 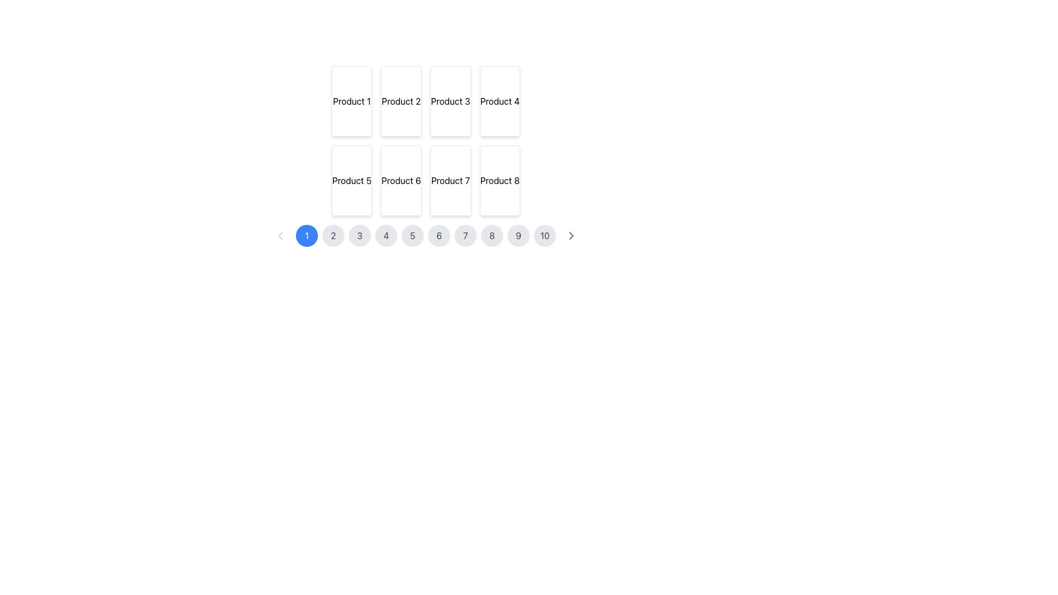 I want to click on the display card for 'Product 5', which is located in the second row, first column of the grid layout, so click(x=351, y=180).